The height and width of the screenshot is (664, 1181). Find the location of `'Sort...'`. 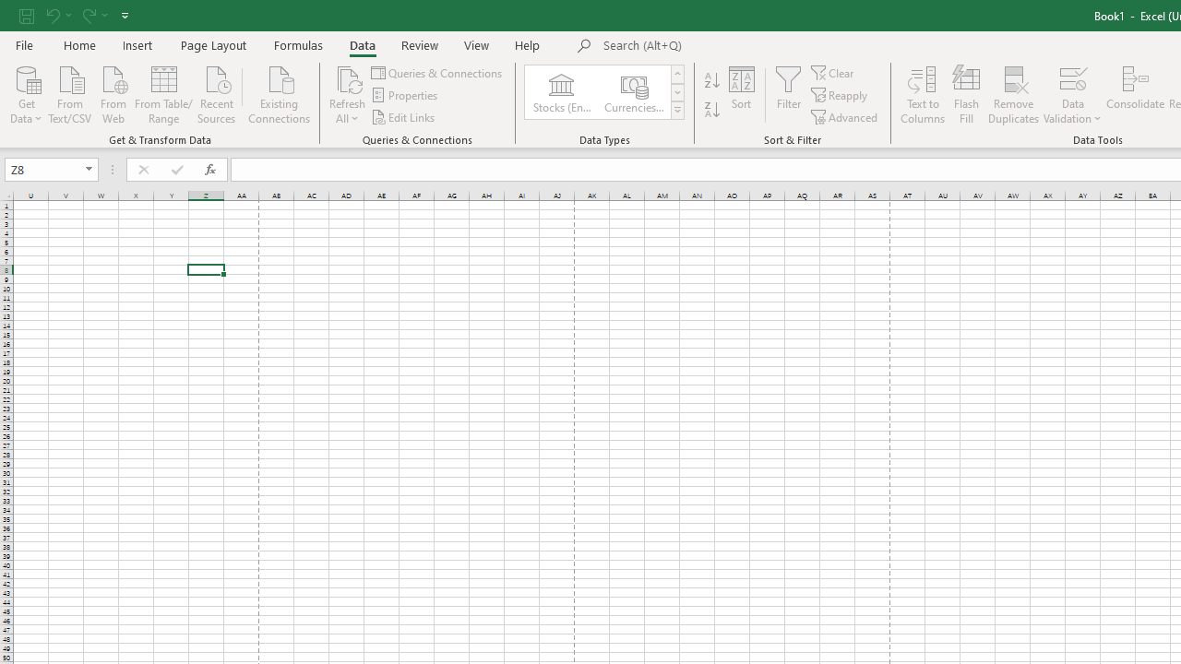

'Sort...' is located at coordinates (742, 95).